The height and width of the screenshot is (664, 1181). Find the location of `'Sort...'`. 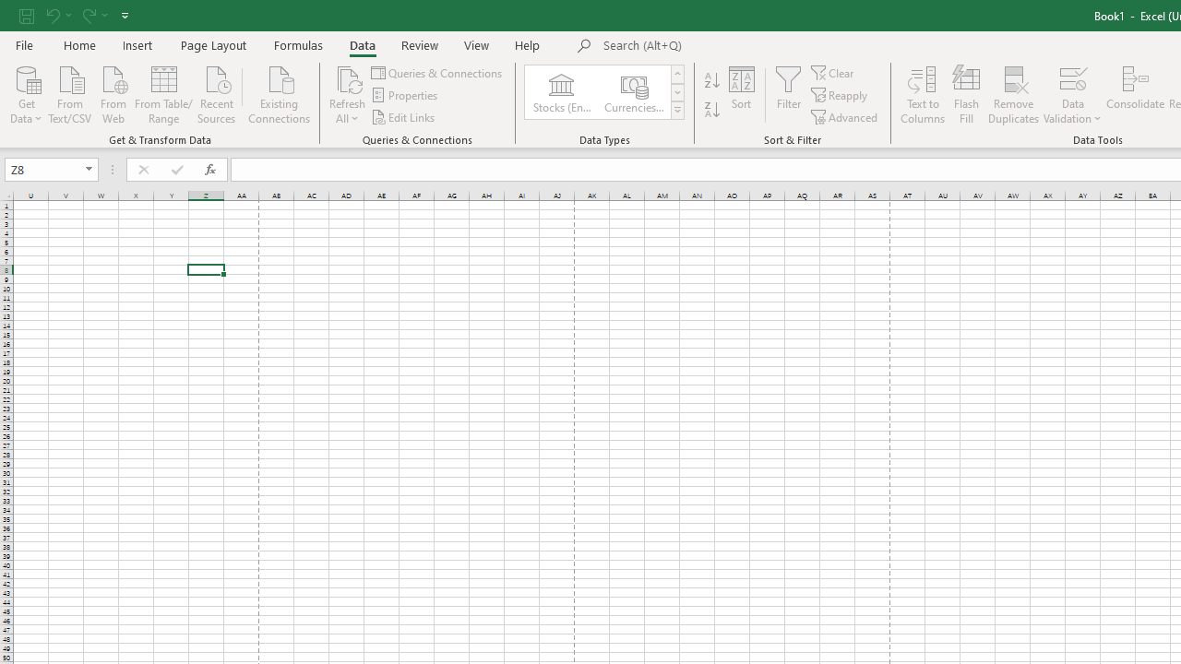

'Sort...' is located at coordinates (742, 95).